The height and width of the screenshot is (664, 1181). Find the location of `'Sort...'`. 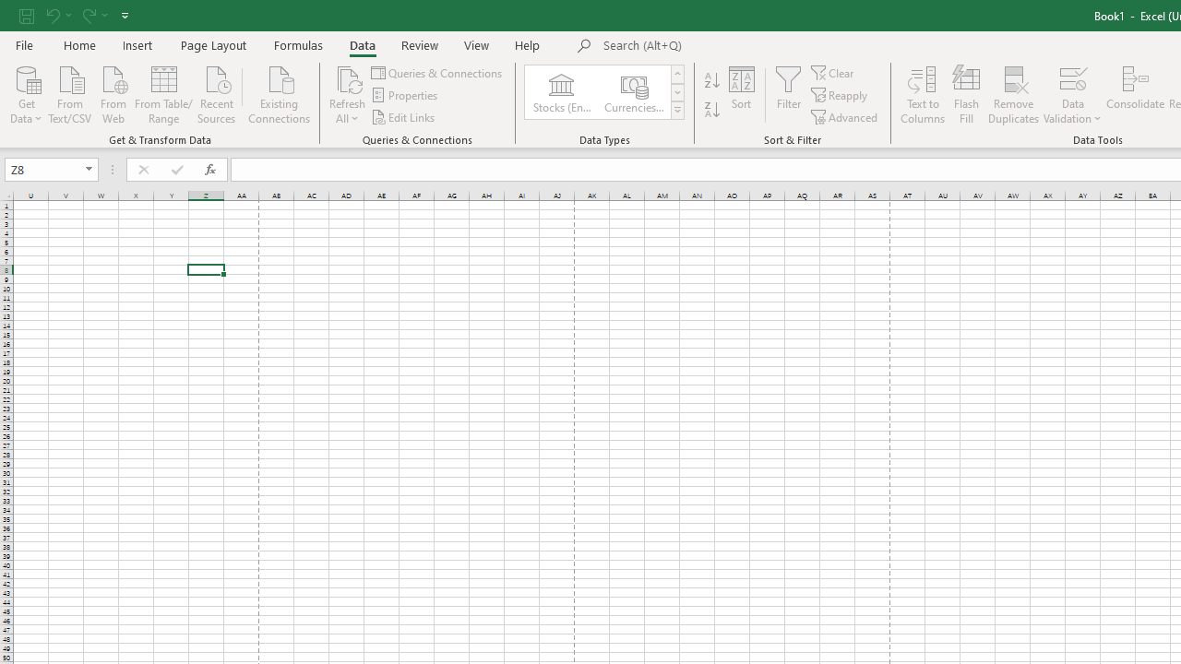

'Sort...' is located at coordinates (742, 95).